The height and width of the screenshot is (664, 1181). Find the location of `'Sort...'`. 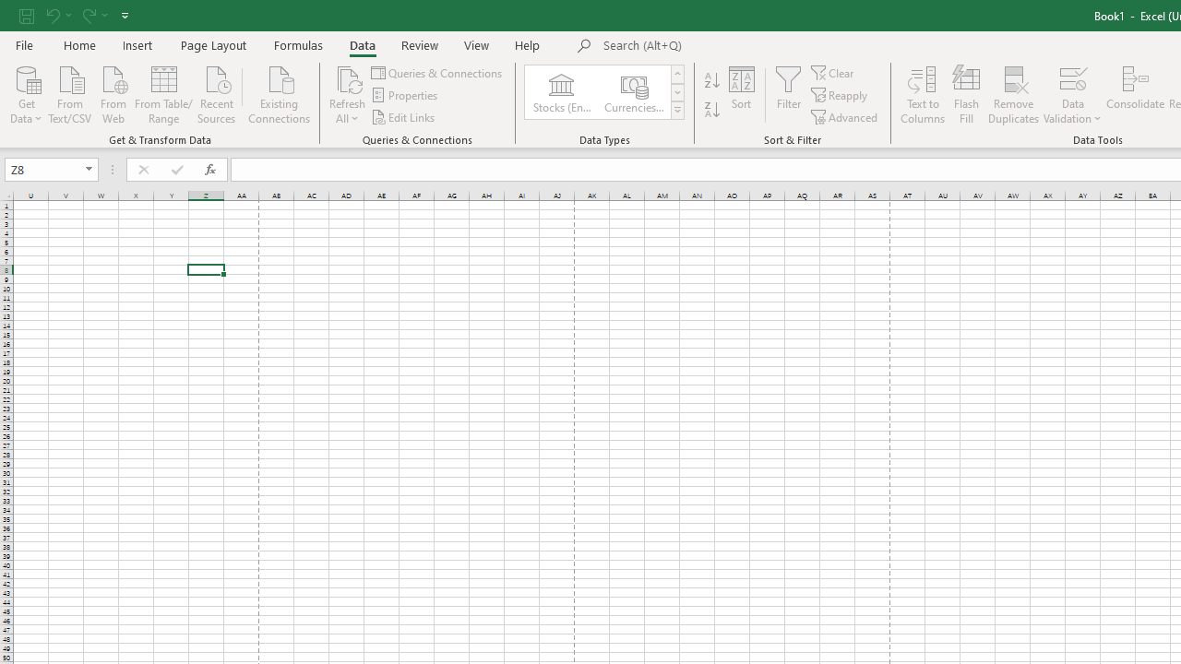

'Sort...' is located at coordinates (742, 95).